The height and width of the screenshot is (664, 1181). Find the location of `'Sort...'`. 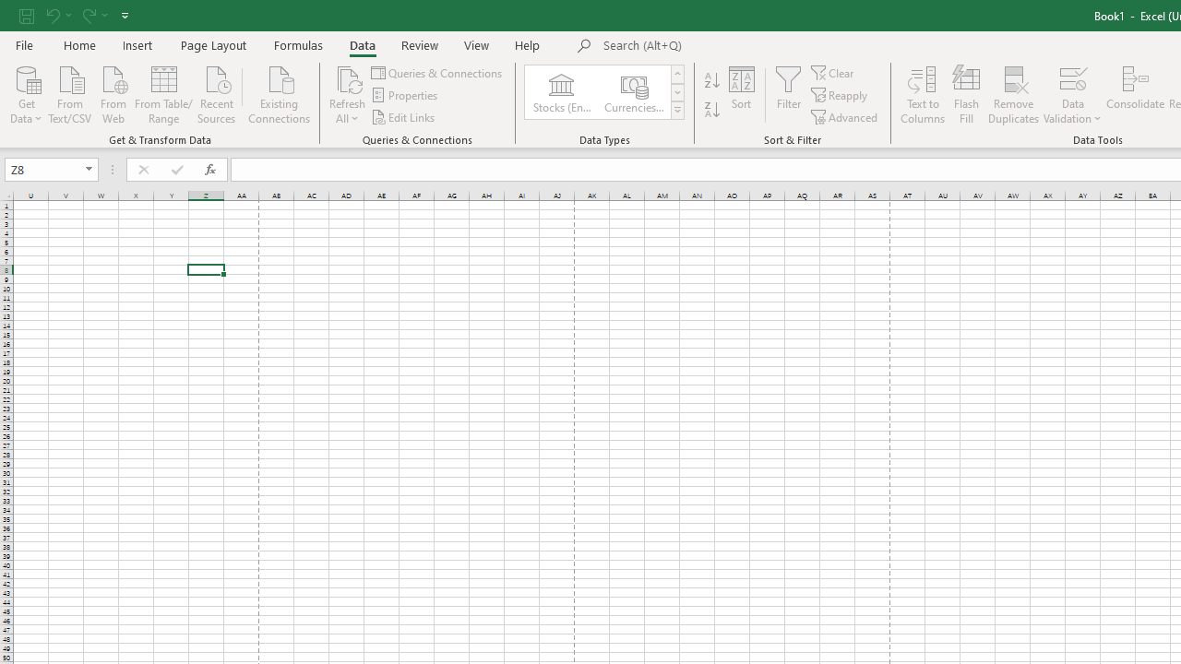

'Sort...' is located at coordinates (742, 95).